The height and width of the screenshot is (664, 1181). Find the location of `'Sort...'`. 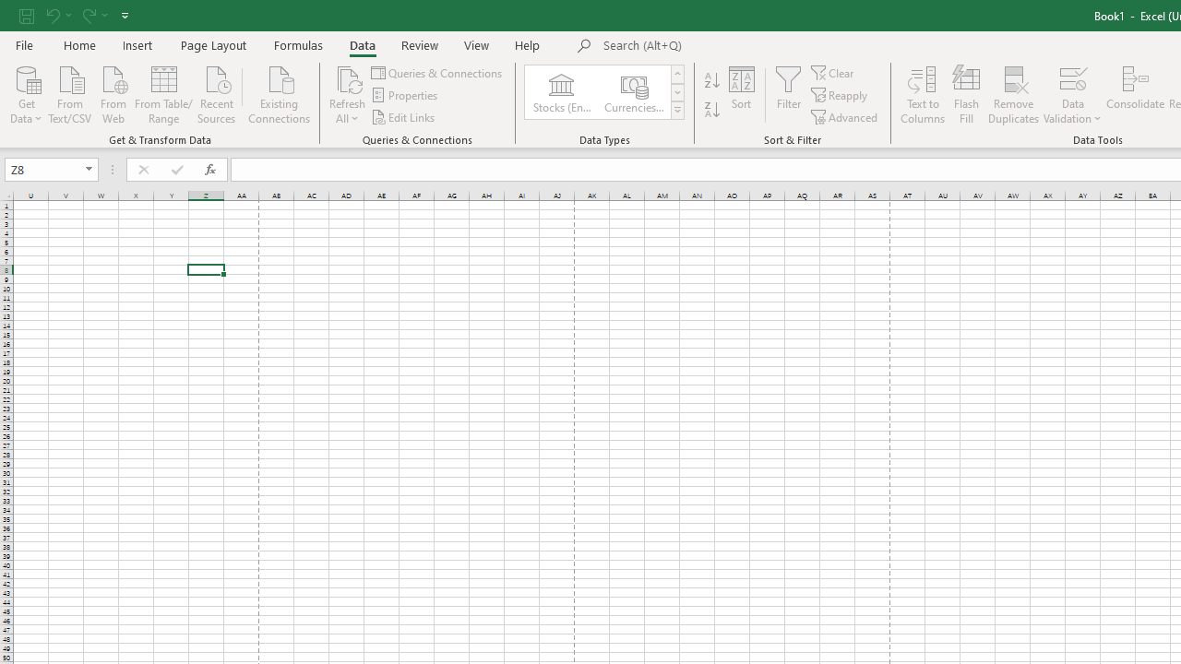

'Sort...' is located at coordinates (742, 95).